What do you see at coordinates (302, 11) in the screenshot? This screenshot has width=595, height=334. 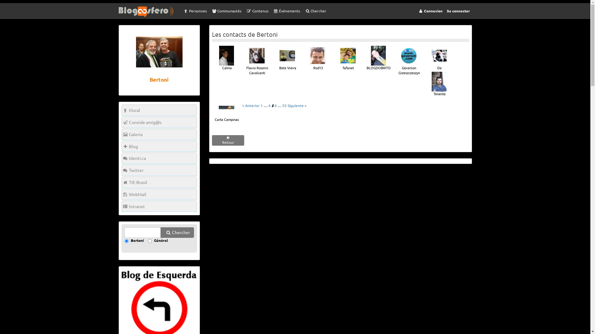 I see `'Chercher'` at bounding box center [302, 11].